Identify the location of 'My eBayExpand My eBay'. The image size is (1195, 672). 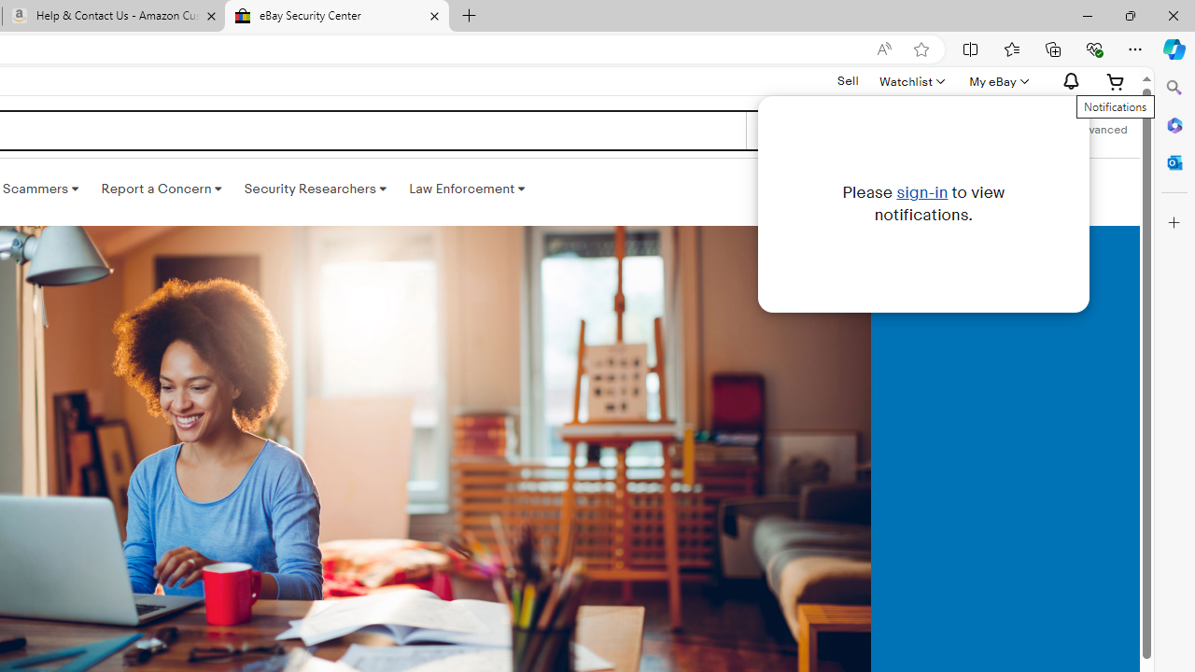
(996, 80).